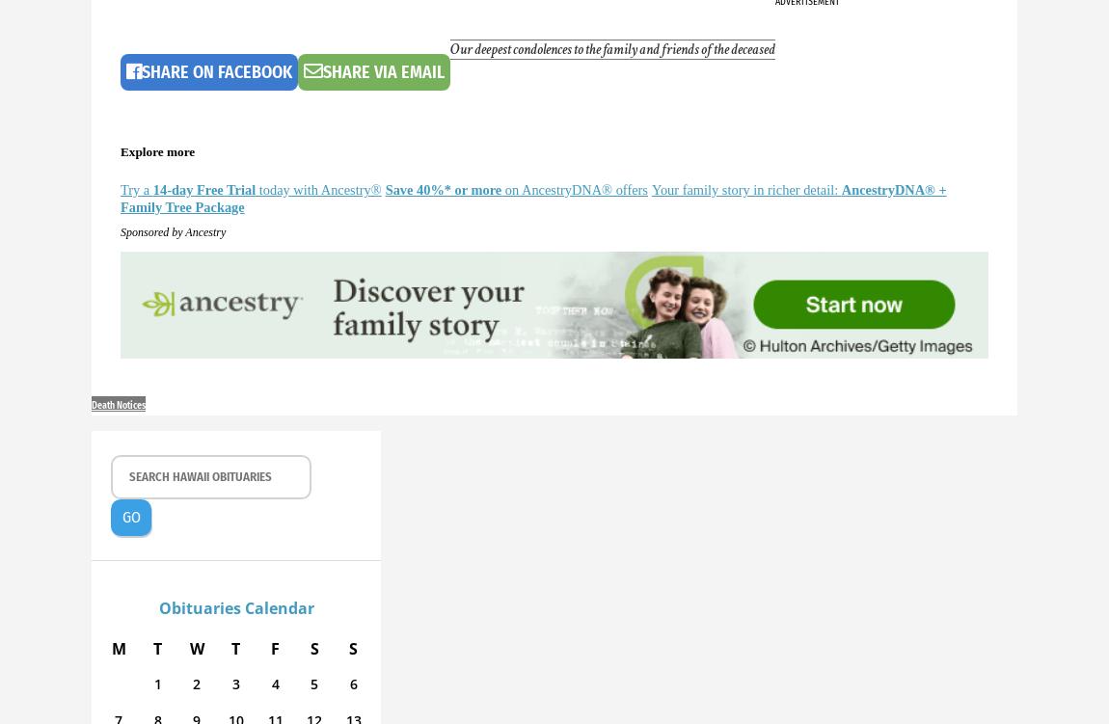 The image size is (1109, 724). I want to click on 'Try a', so click(135, 189).